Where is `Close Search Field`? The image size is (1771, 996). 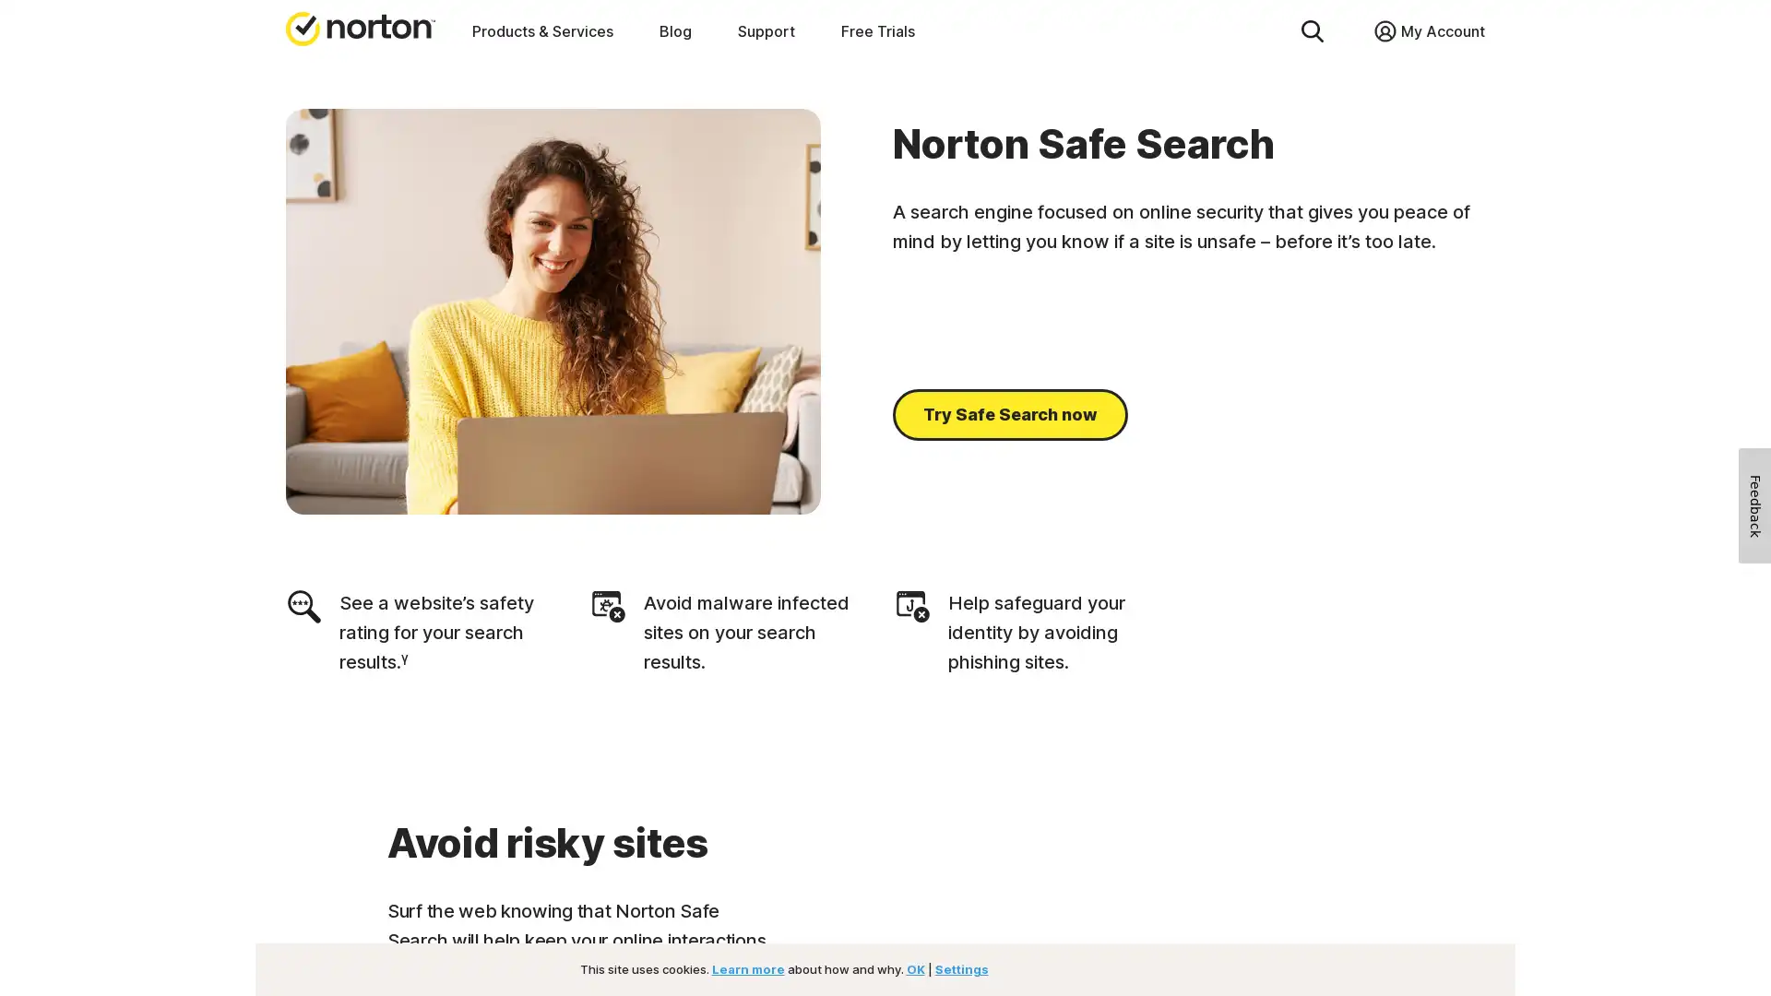 Close Search Field is located at coordinates (1318, 30).